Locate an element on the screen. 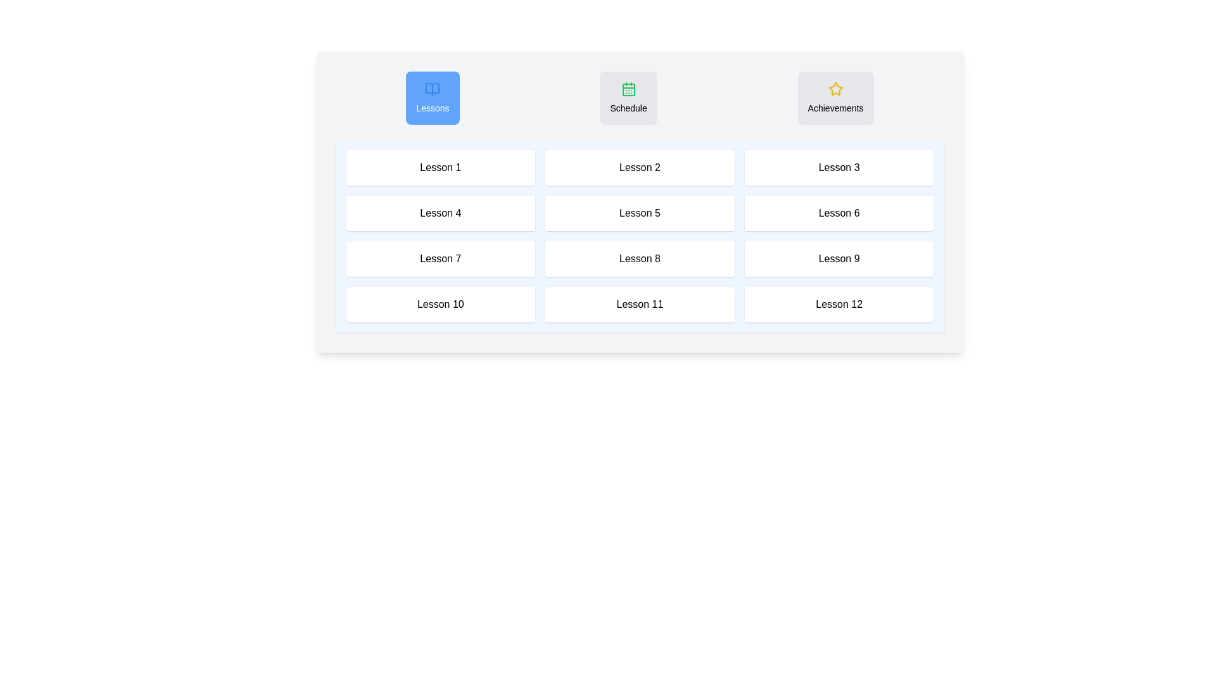  the Achievements tab by clicking on its button is located at coordinates (835, 97).